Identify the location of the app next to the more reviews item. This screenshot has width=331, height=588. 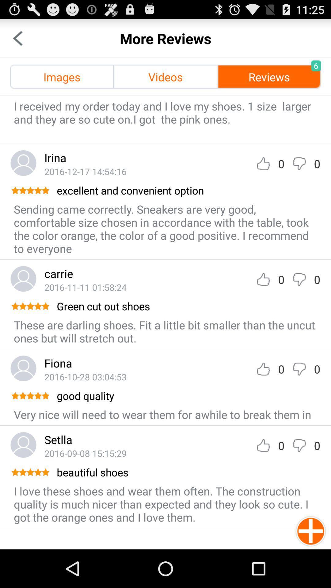
(17, 38).